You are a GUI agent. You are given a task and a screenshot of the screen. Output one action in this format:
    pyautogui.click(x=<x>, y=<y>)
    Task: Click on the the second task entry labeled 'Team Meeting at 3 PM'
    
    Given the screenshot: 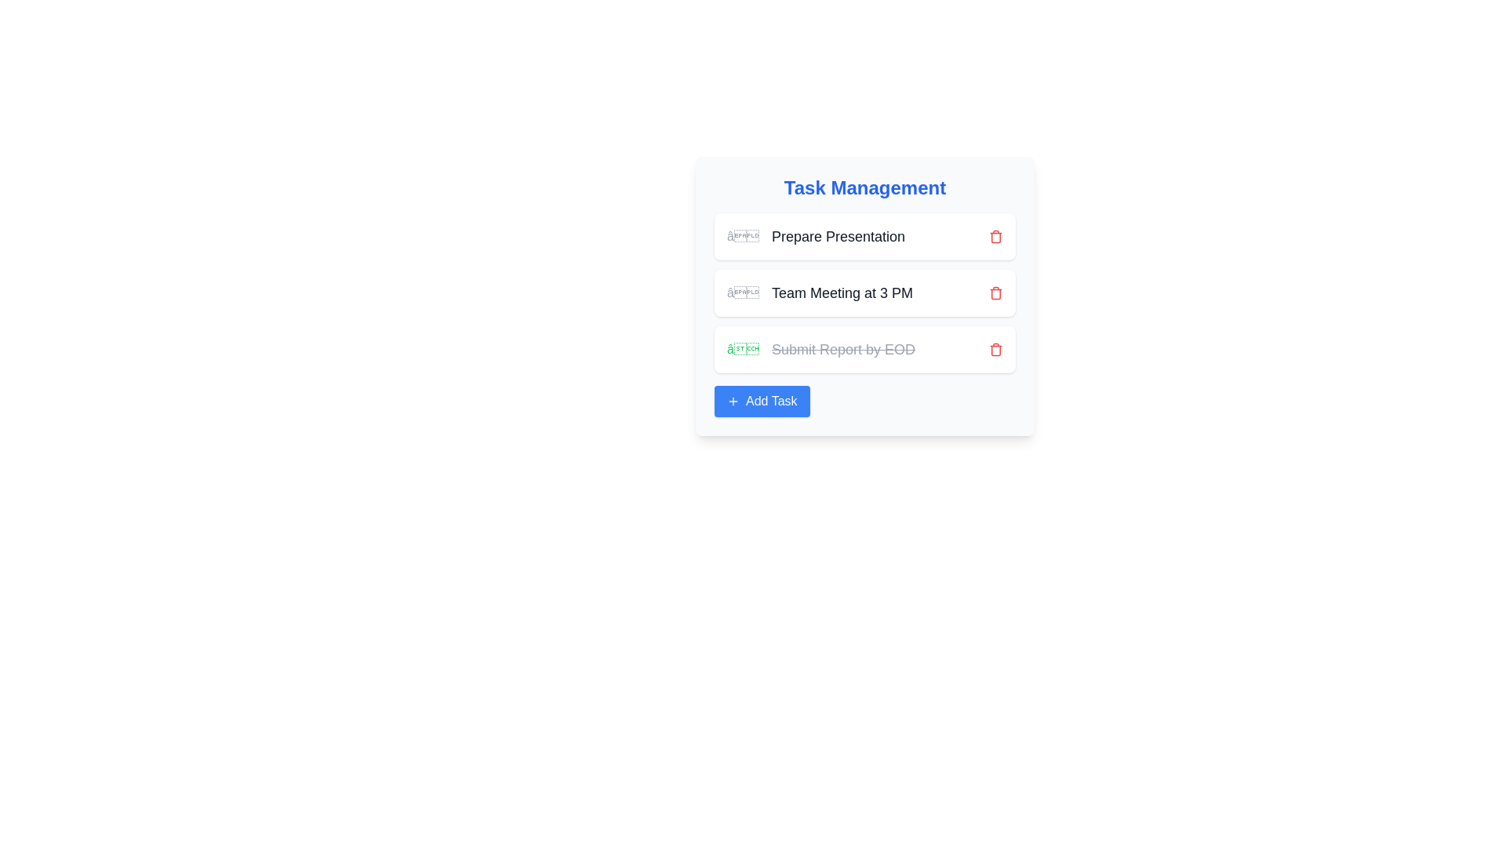 What is the action you would take?
    pyautogui.click(x=819, y=293)
    